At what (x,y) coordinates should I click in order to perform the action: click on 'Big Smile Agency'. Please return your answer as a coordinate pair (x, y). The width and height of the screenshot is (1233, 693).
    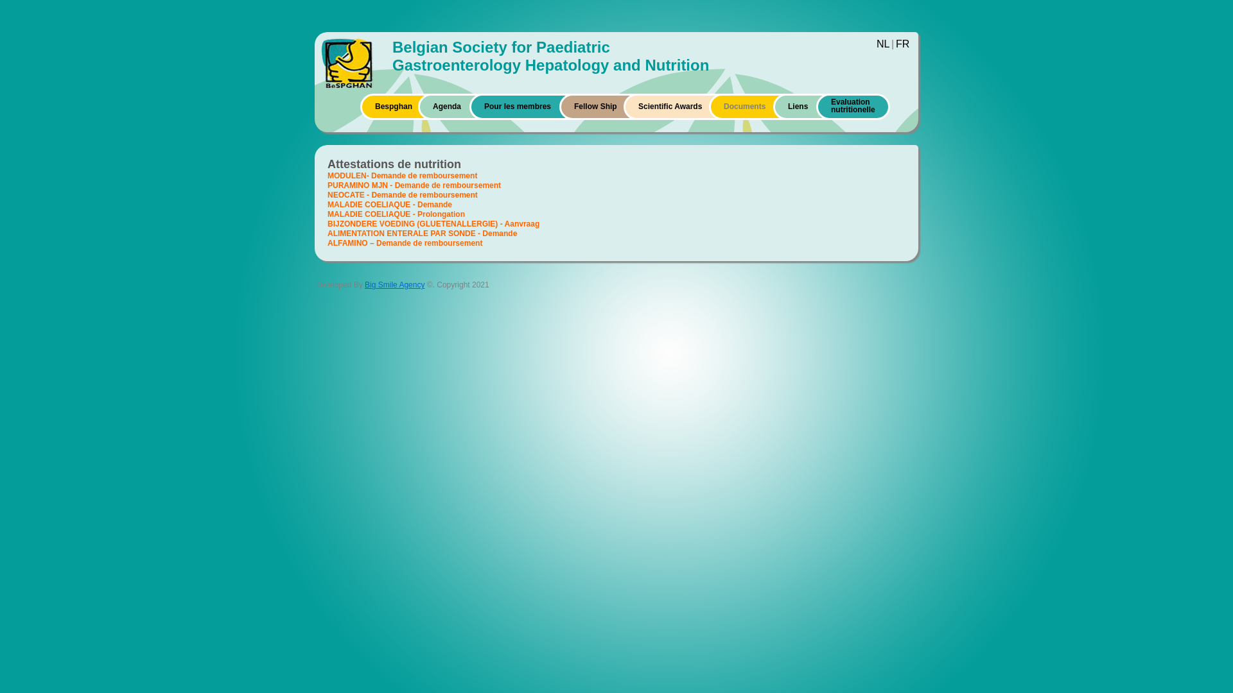
    Looking at the image, I should click on (394, 284).